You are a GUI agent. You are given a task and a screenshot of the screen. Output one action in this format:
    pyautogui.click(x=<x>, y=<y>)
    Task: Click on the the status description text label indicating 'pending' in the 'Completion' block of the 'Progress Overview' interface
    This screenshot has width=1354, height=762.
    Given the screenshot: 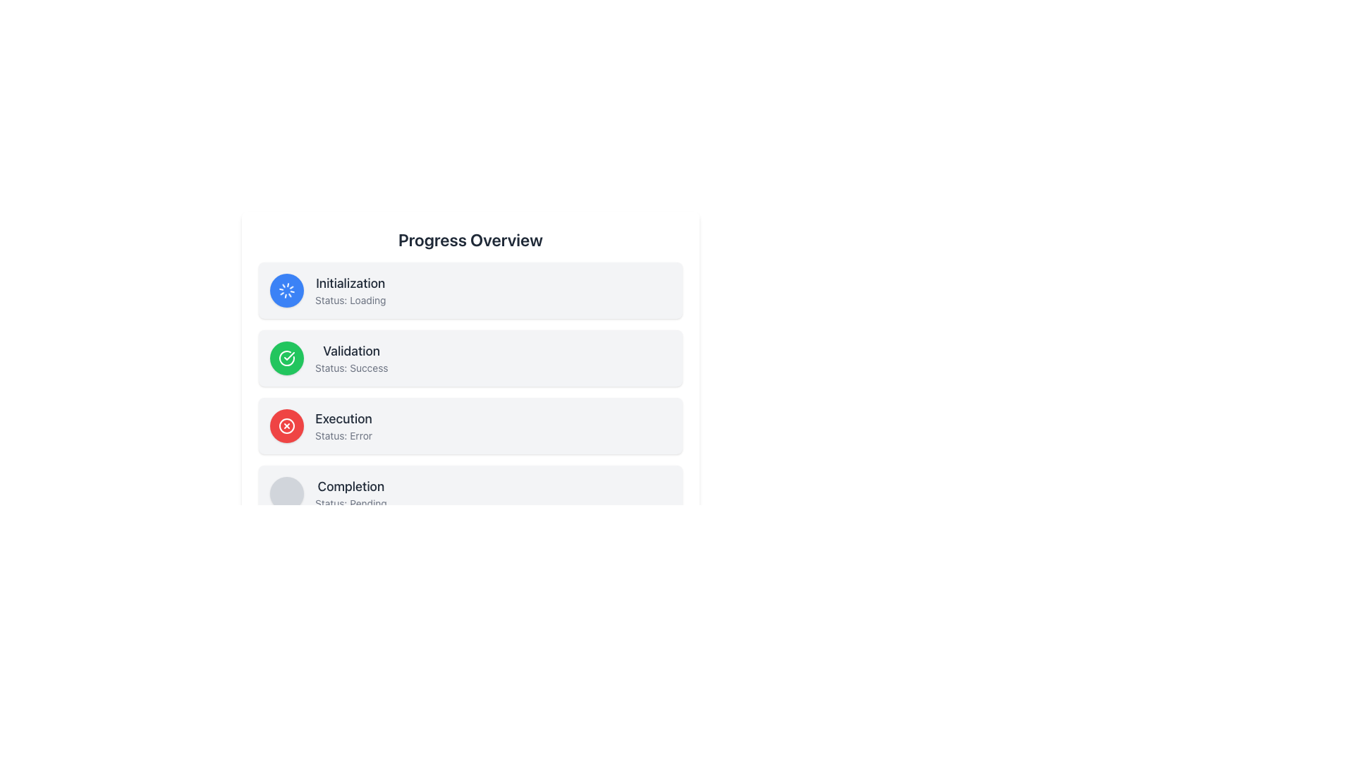 What is the action you would take?
    pyautogui.click(x=350, y=502)
    